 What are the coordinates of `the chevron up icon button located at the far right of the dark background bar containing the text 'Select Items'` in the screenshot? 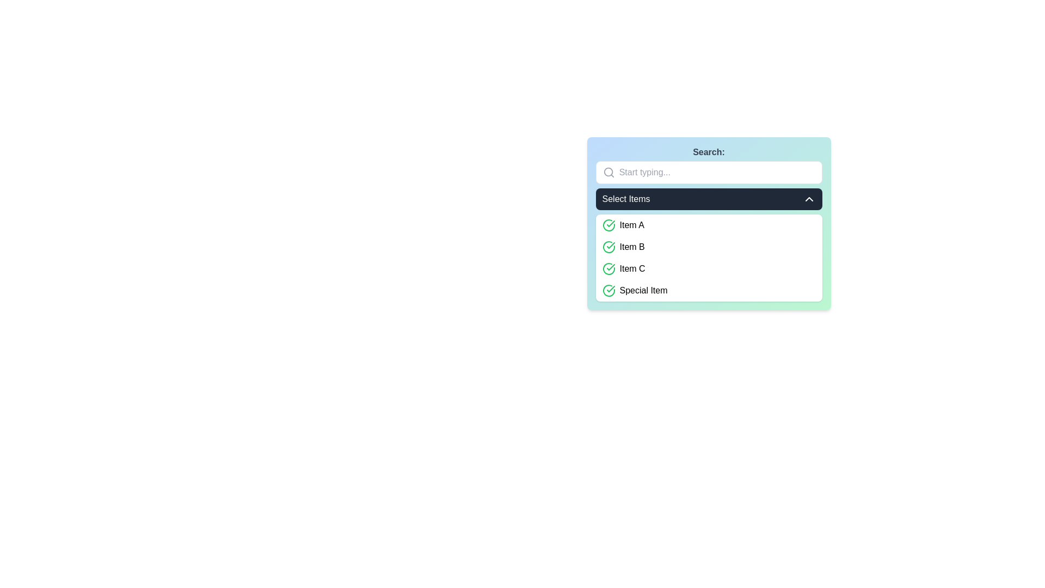 It's located at (809, 199).